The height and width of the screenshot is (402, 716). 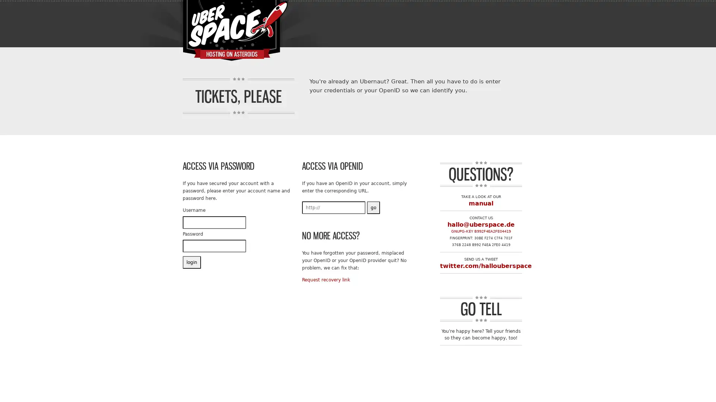 I want to click on go, so click(x=373, y=207).